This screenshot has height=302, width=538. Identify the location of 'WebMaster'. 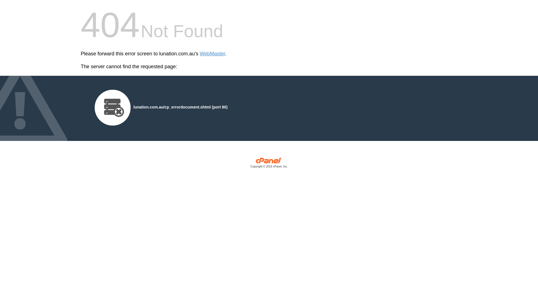
(212, 54).